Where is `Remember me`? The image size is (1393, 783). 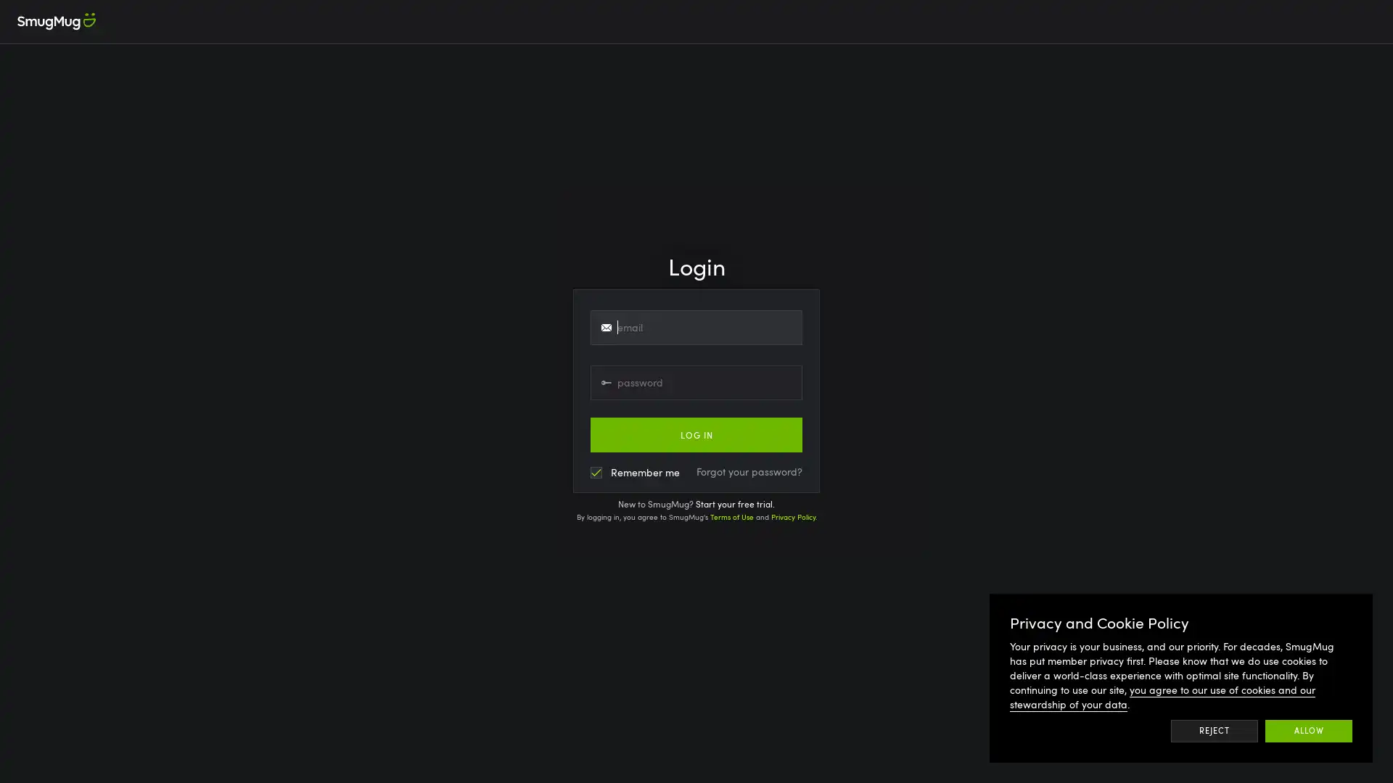 Remember me is located at coordinates (635, 472).